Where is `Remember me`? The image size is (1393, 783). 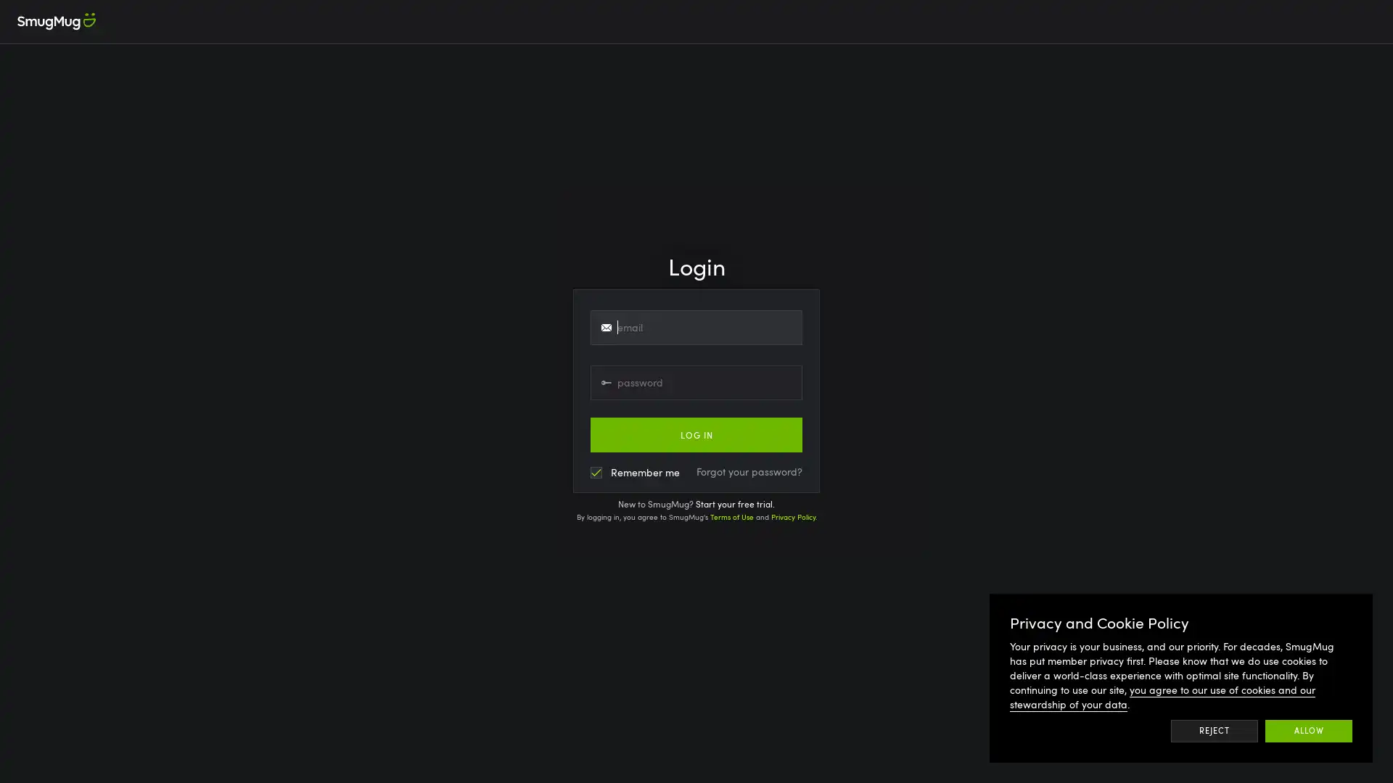 Remember me is located at coordinates (635, 472).